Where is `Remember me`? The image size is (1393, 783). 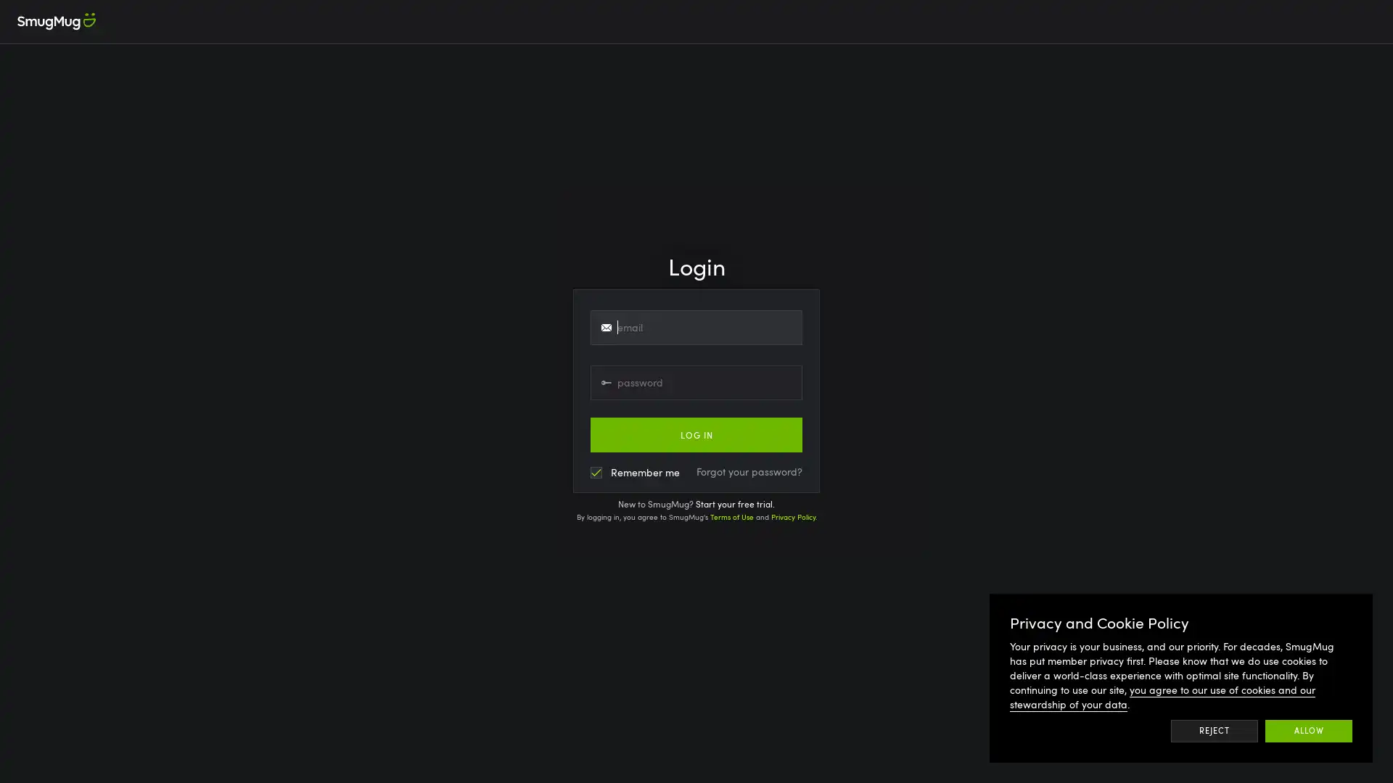 Remember me is located at coordinates (635, 472).